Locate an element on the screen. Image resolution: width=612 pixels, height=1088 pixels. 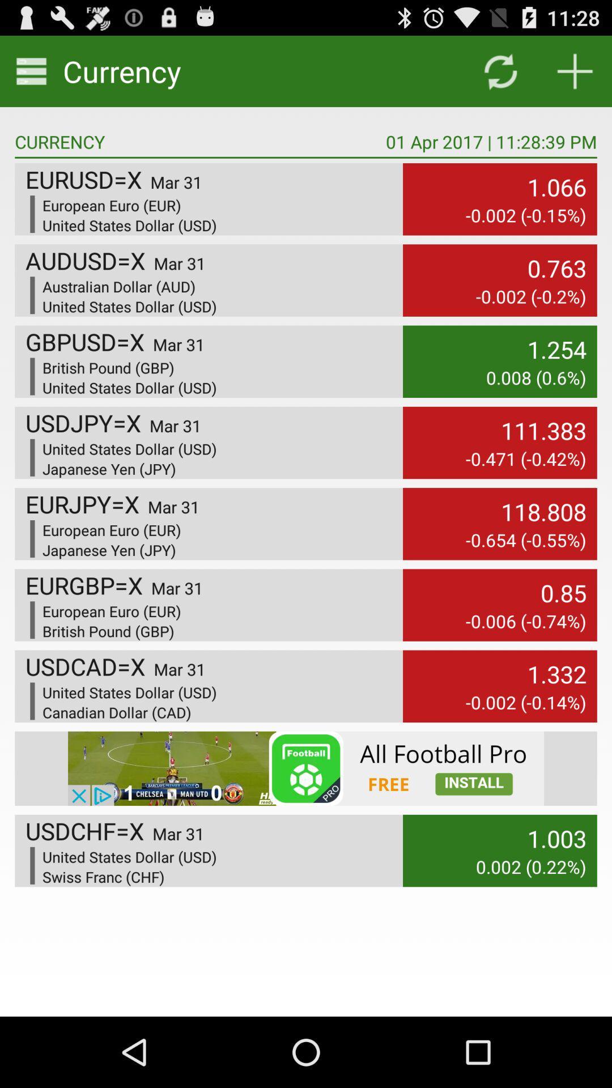
a currency exchange pair is located at coordinates (575, 70).